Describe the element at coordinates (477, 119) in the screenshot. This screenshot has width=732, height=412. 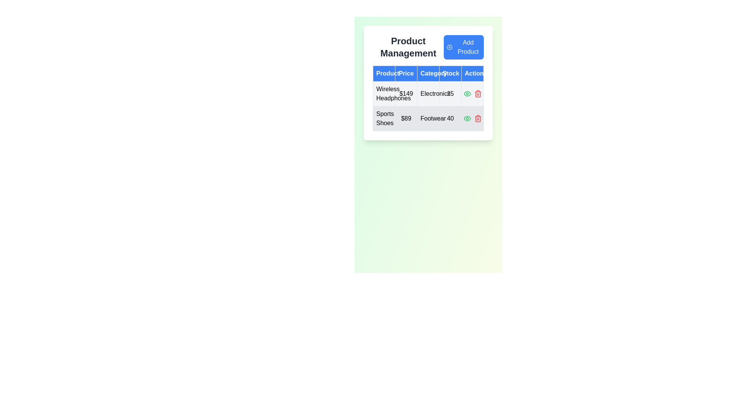
I see `the delete button icon located in the 'Actions' column of the second row of the 'Product Management' section to initiate a delete operation for the 'Sports Shoes' product entry` at that location.